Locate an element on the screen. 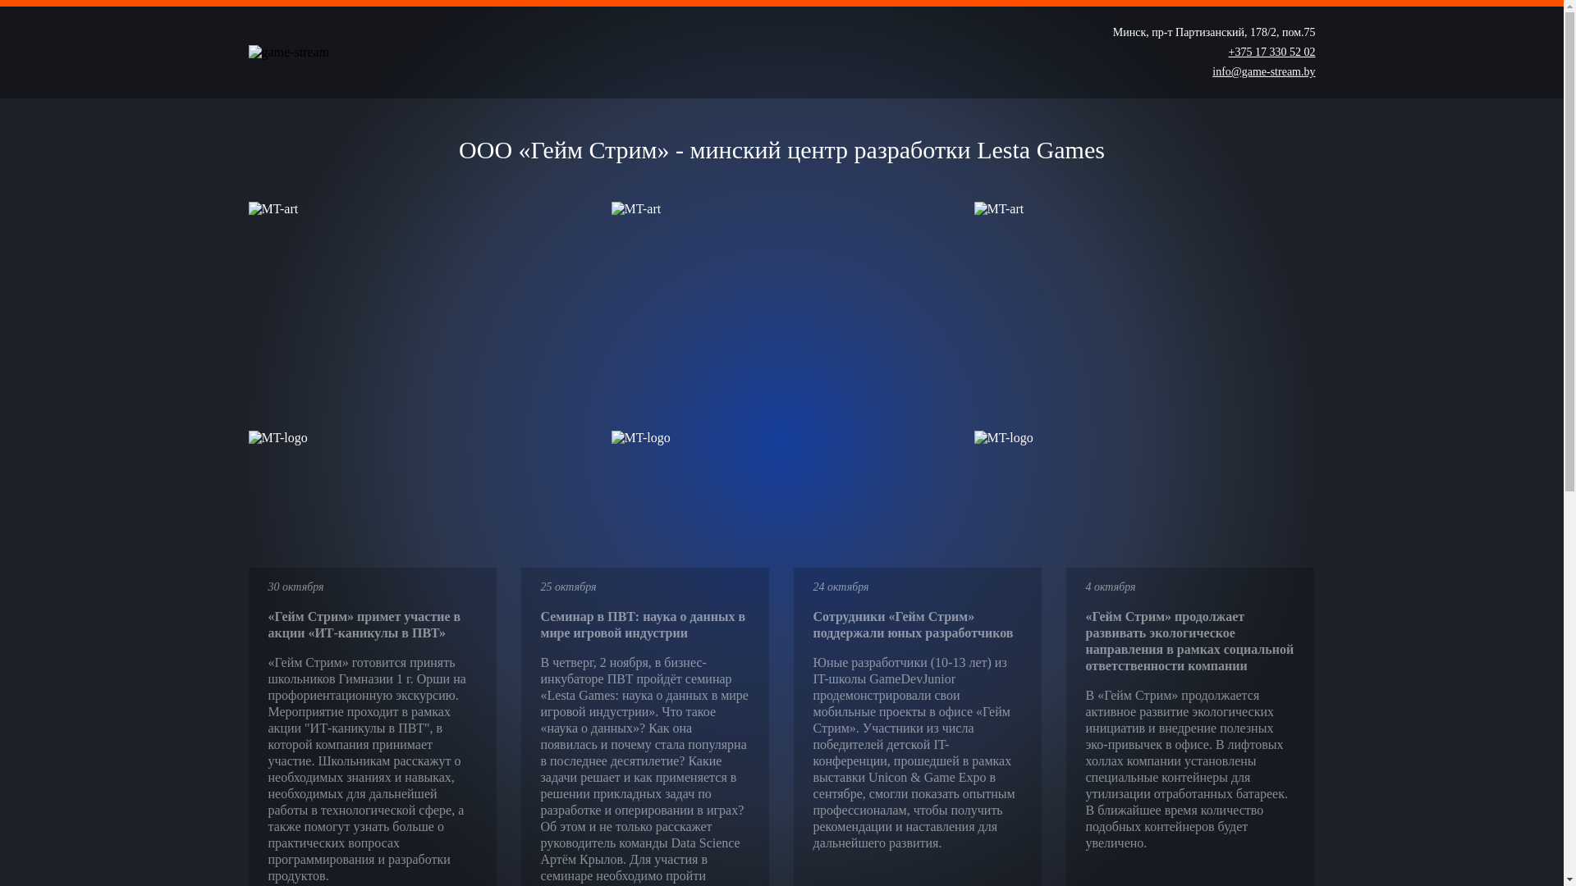 The image size is (1576, 886). '+375 17 330 52 02' is located at coordinates (1271, 52).